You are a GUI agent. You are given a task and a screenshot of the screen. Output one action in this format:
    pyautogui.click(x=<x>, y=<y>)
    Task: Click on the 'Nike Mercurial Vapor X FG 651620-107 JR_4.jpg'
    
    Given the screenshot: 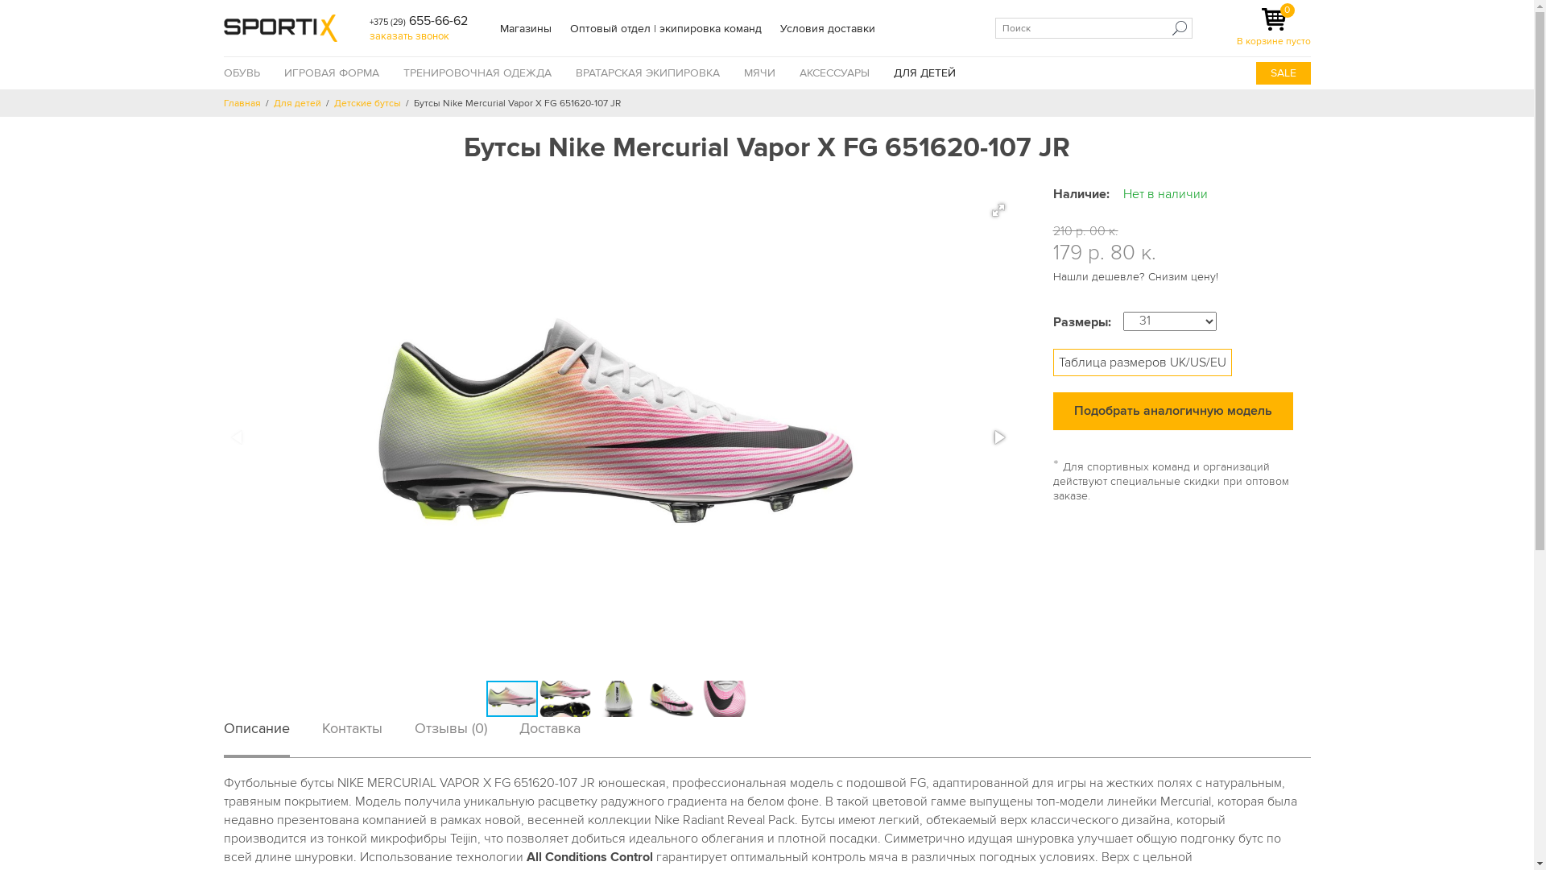 What is the action you would take?
    pyautogui.click(x=672, y=698)
    